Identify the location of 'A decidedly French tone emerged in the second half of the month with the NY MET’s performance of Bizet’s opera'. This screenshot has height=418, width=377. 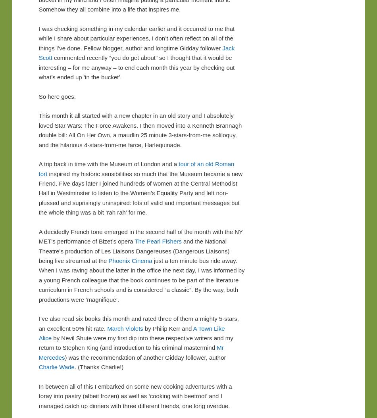
(140, 236).